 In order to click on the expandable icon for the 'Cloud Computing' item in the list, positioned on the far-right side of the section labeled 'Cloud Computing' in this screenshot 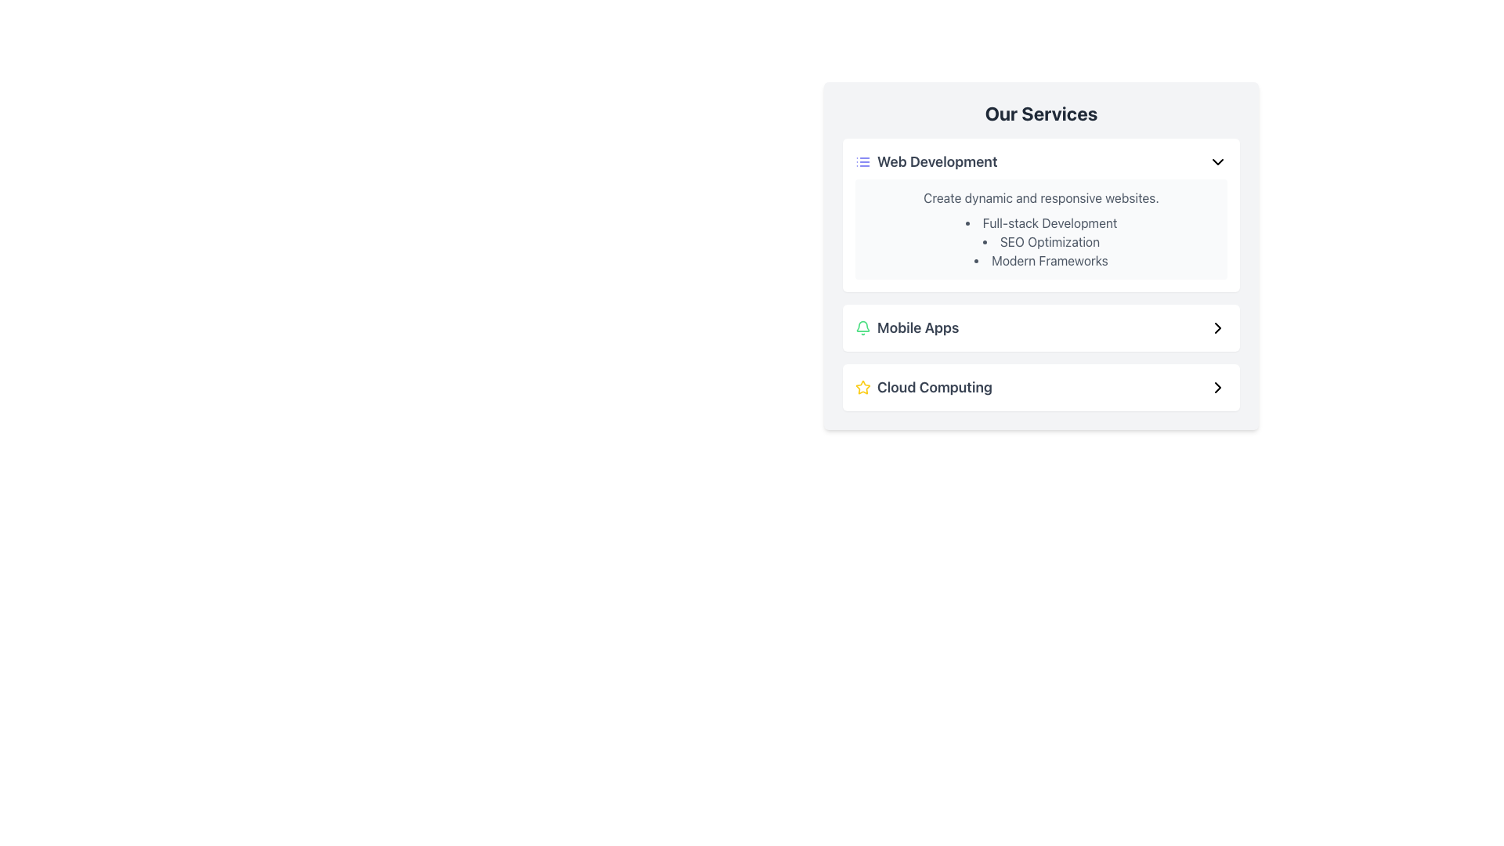, I will do `click(1217, 387)`.